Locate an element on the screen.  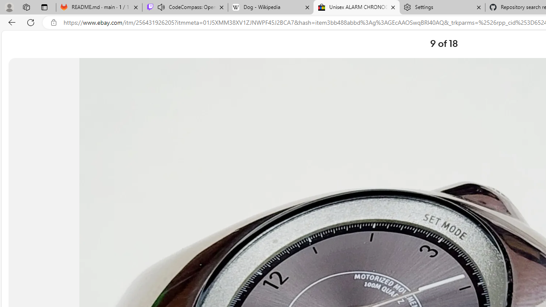
'Personal Profile' is located at coordinates (9, 7).